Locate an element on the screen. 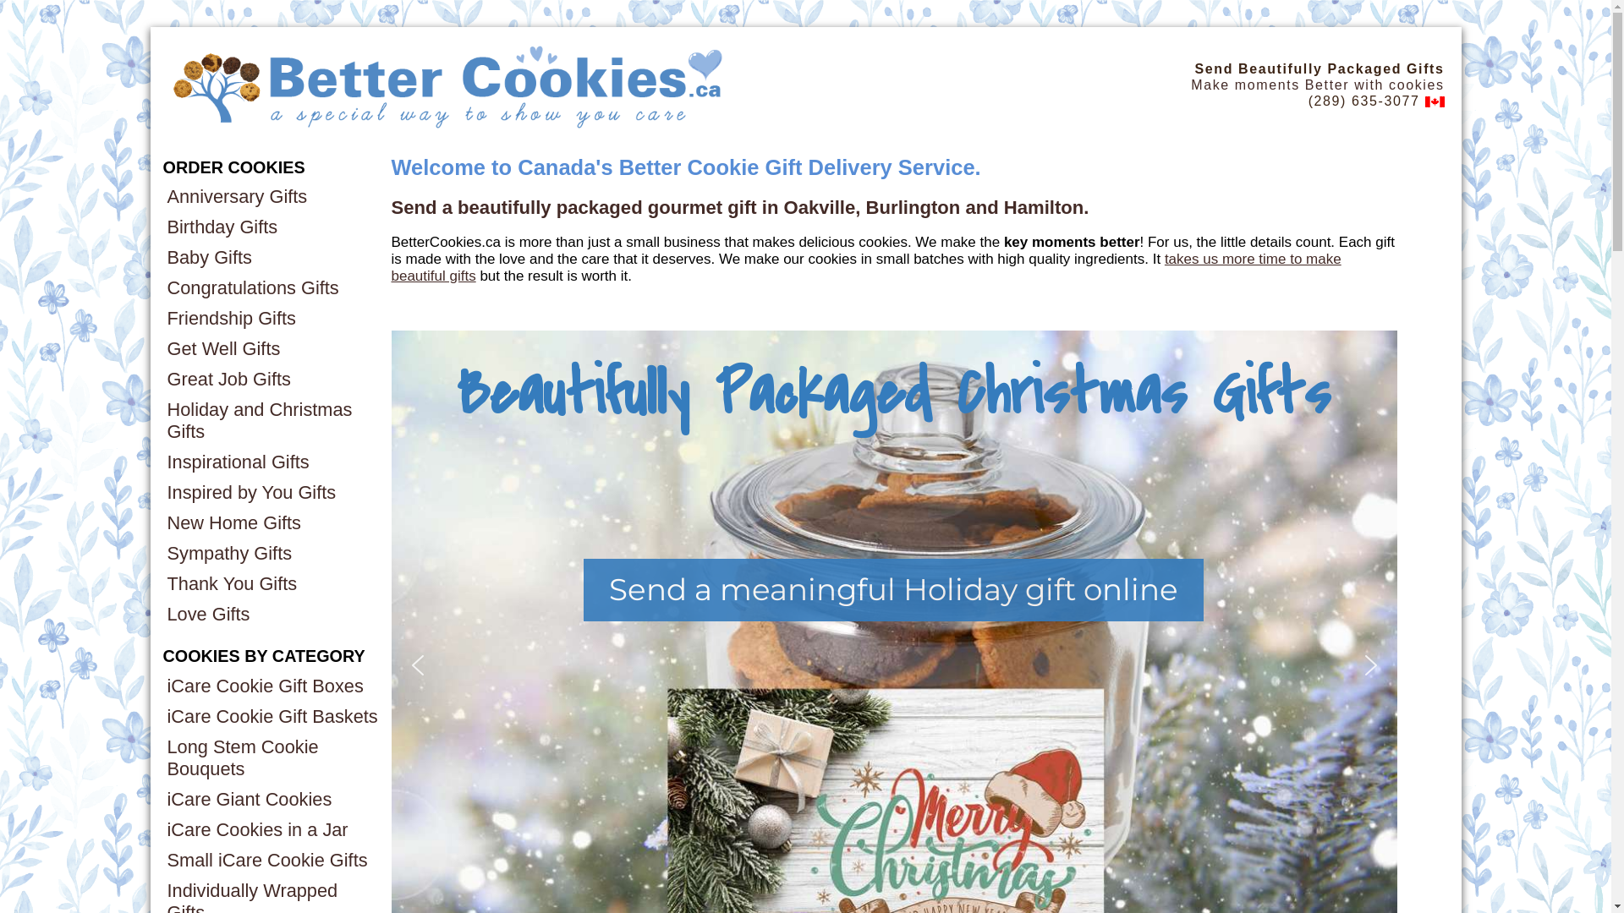 This screenshot has height=913, width=1624. 'Burlington' is located at coordinates (913, 206).